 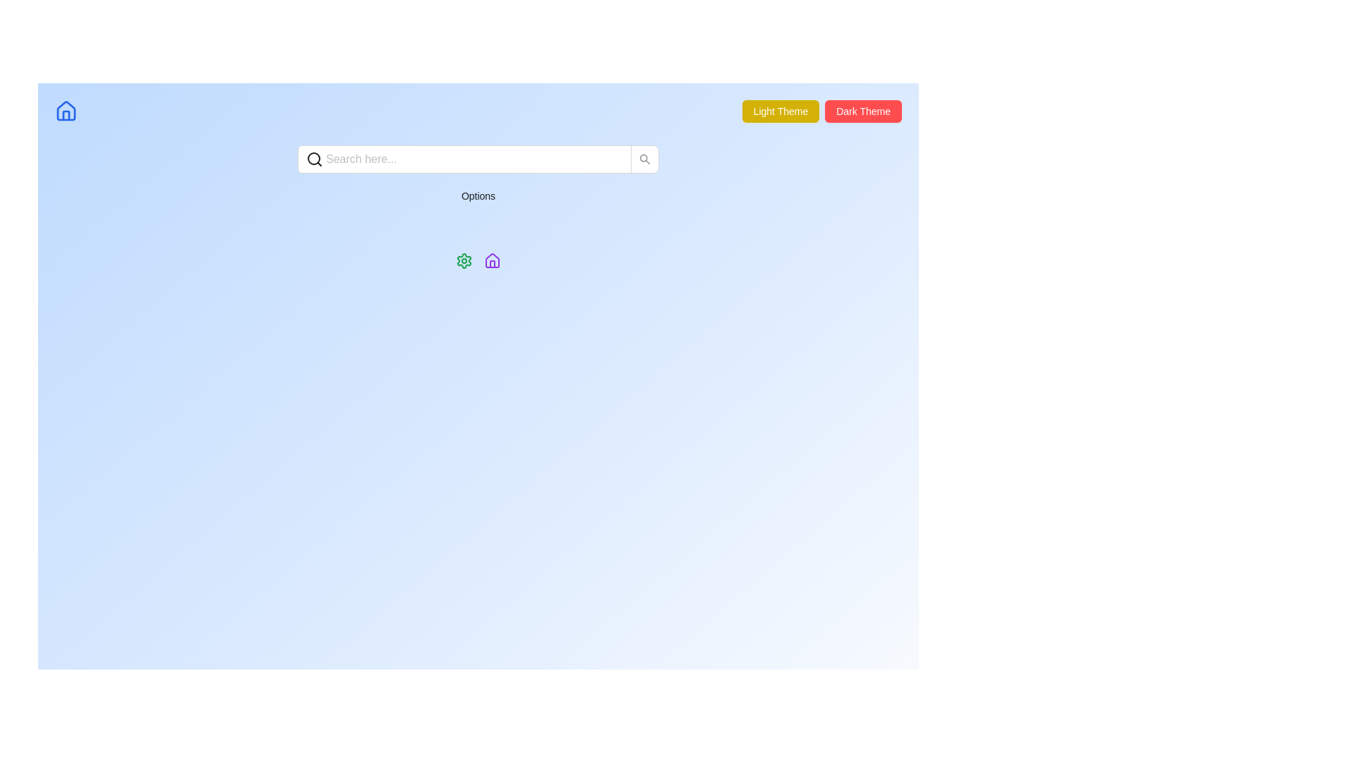 What do you see at coordinates (644, 159) in the screenshot?
I see `the search icon located at the far-right end of the search bar` at bounding box center [644, 159].